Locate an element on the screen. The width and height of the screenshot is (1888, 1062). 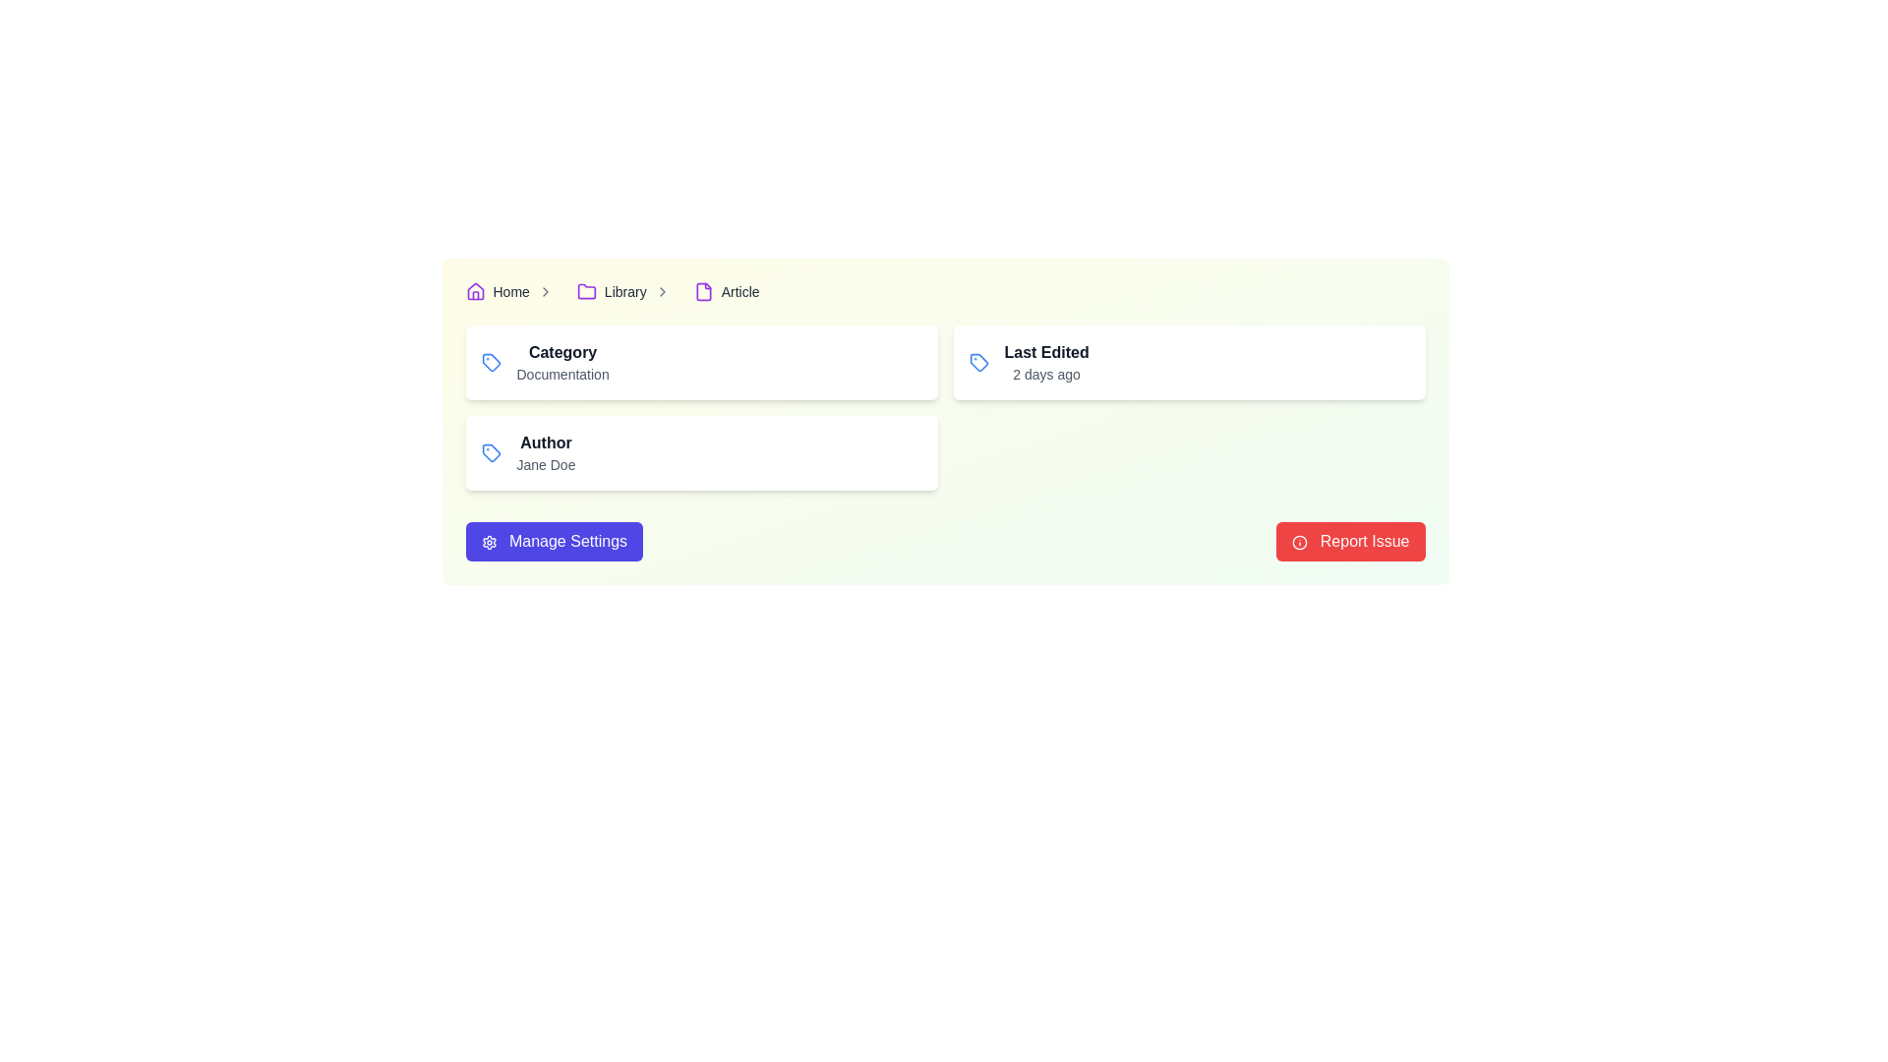
the static text element that indicates the editing timestamp property, located in the upper-right side of the interface near the 'Author' card is located at coordinates (1045, 351).